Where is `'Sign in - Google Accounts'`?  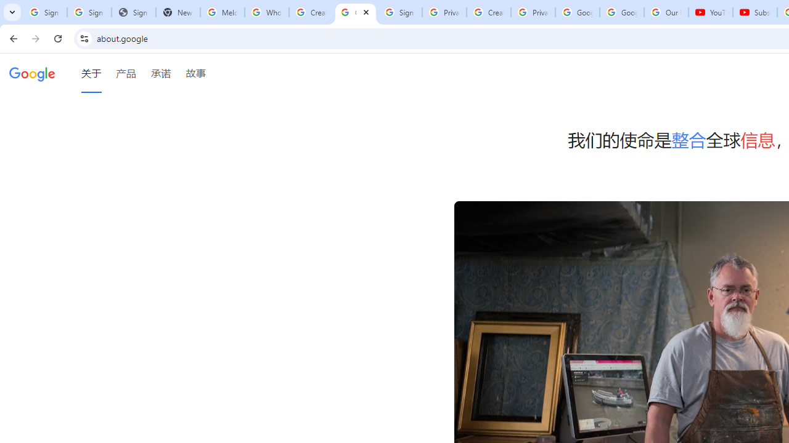 'Sign in - Google Accounts' is located at coordinates (88, 12).